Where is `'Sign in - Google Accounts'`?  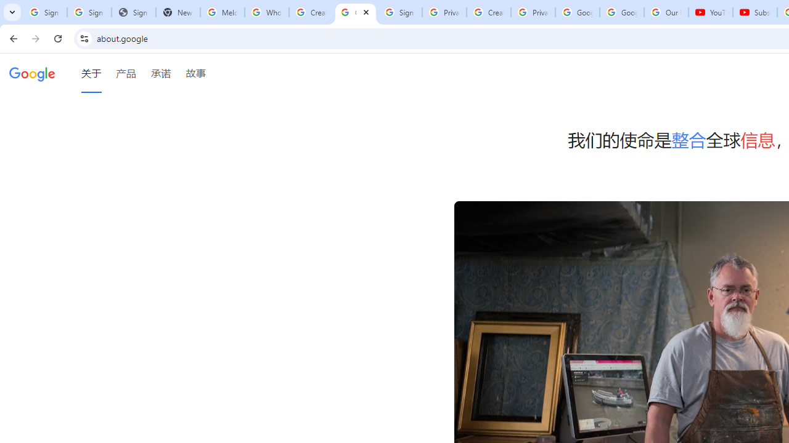 'Sign in - Google Accounts' is located at coordinates (88, 12).